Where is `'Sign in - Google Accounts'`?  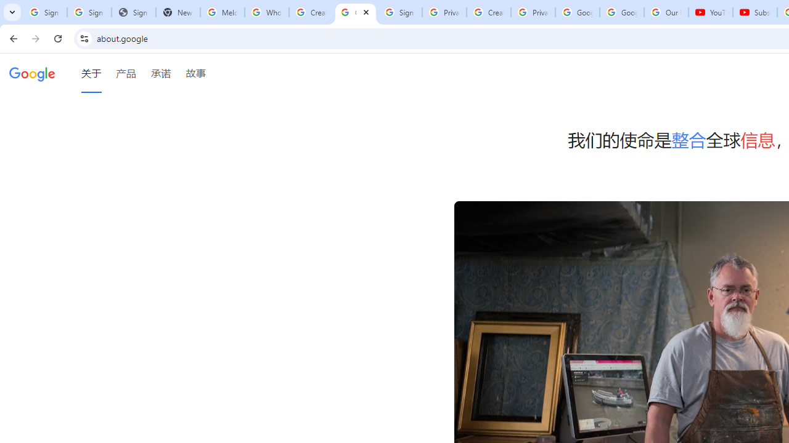 'Sign in - Google Accounts' is located at coordinates (88, 12).